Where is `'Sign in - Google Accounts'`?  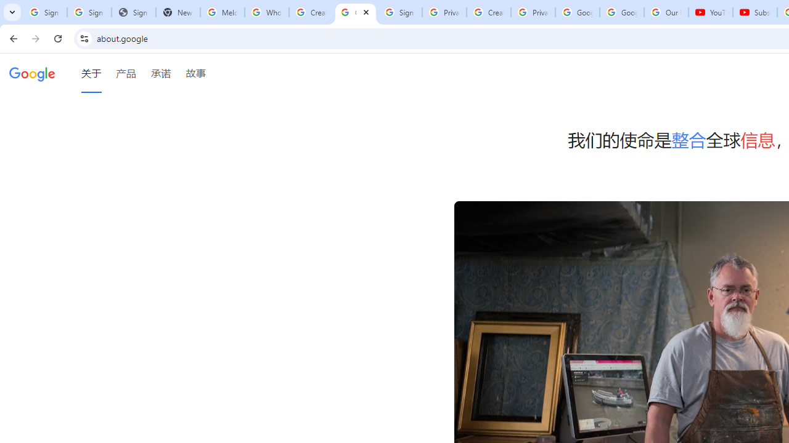 'Sign in - Google Accounts' is located at coordinates (88, 12).